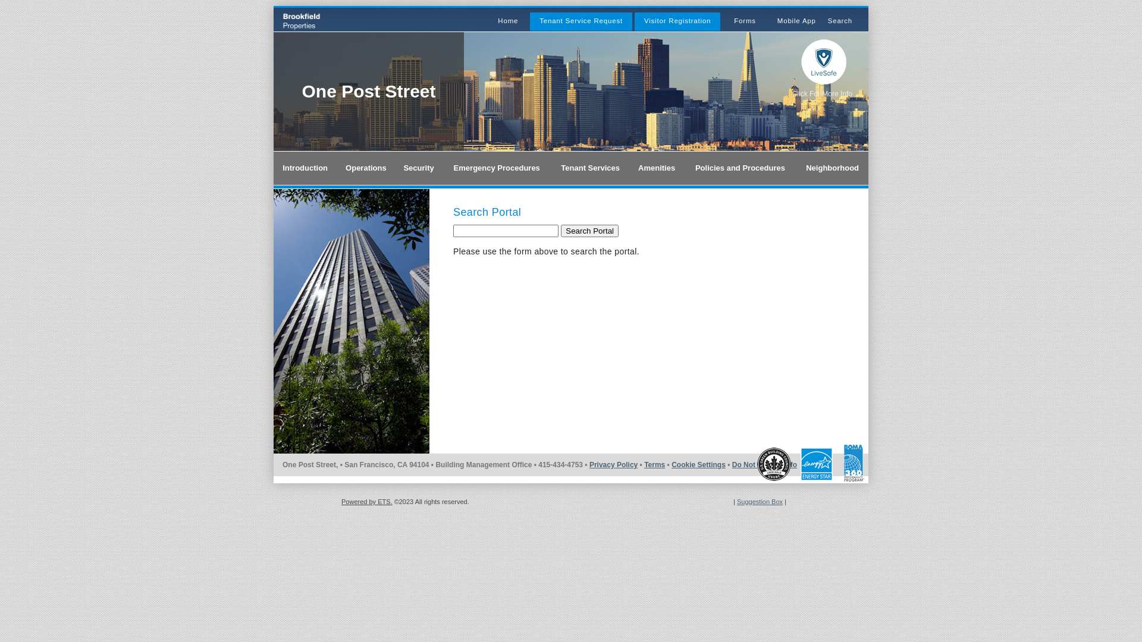 This screenshot has width=1142, height=642. What do you see at coordinates (560, 231) in the screenshot?
I see `'Search Portal'` at bounding box center [560, 231].